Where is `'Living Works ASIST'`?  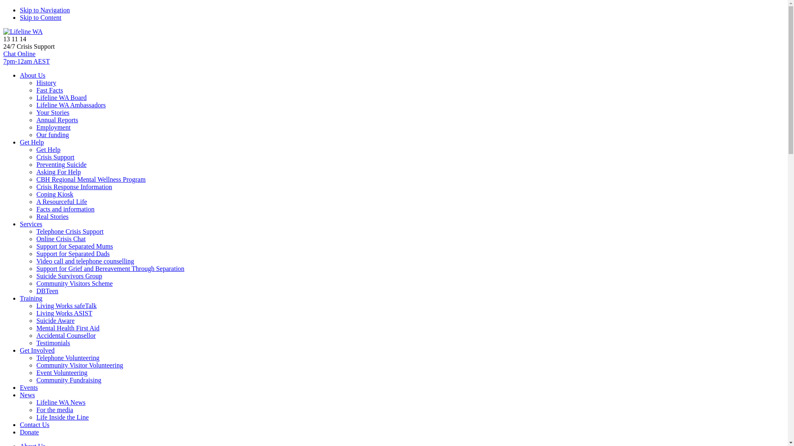 'Living Works ASIST' is located at coordinates (36, 313).